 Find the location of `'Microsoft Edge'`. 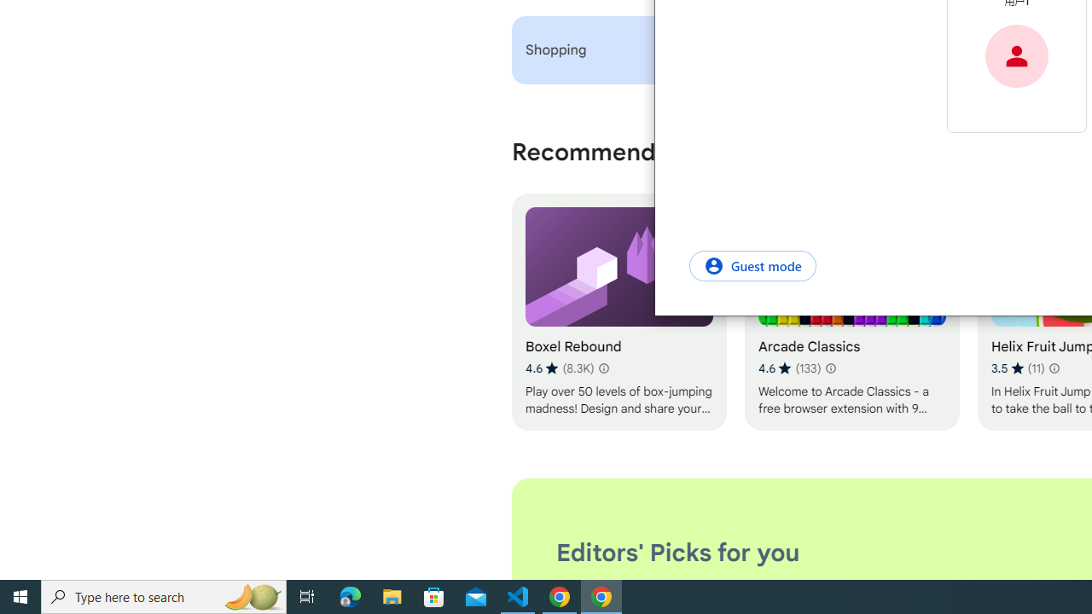

'Microsoft Edge' is located at coordinates (350, 595).